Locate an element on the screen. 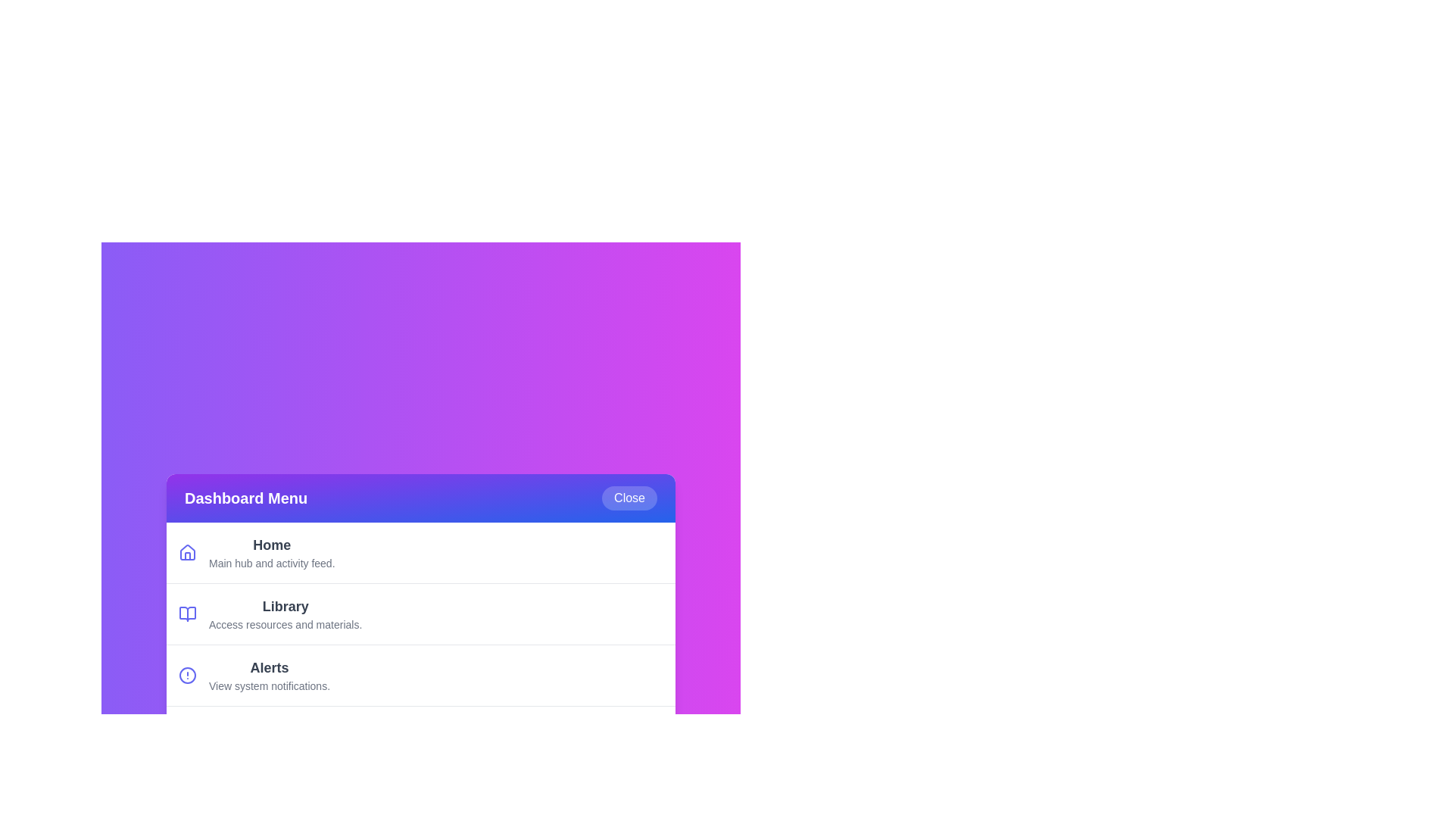 The width and height of the screenshot is (1454, 818). the description of the menu item Alerts is located at coordinates (269, 667).